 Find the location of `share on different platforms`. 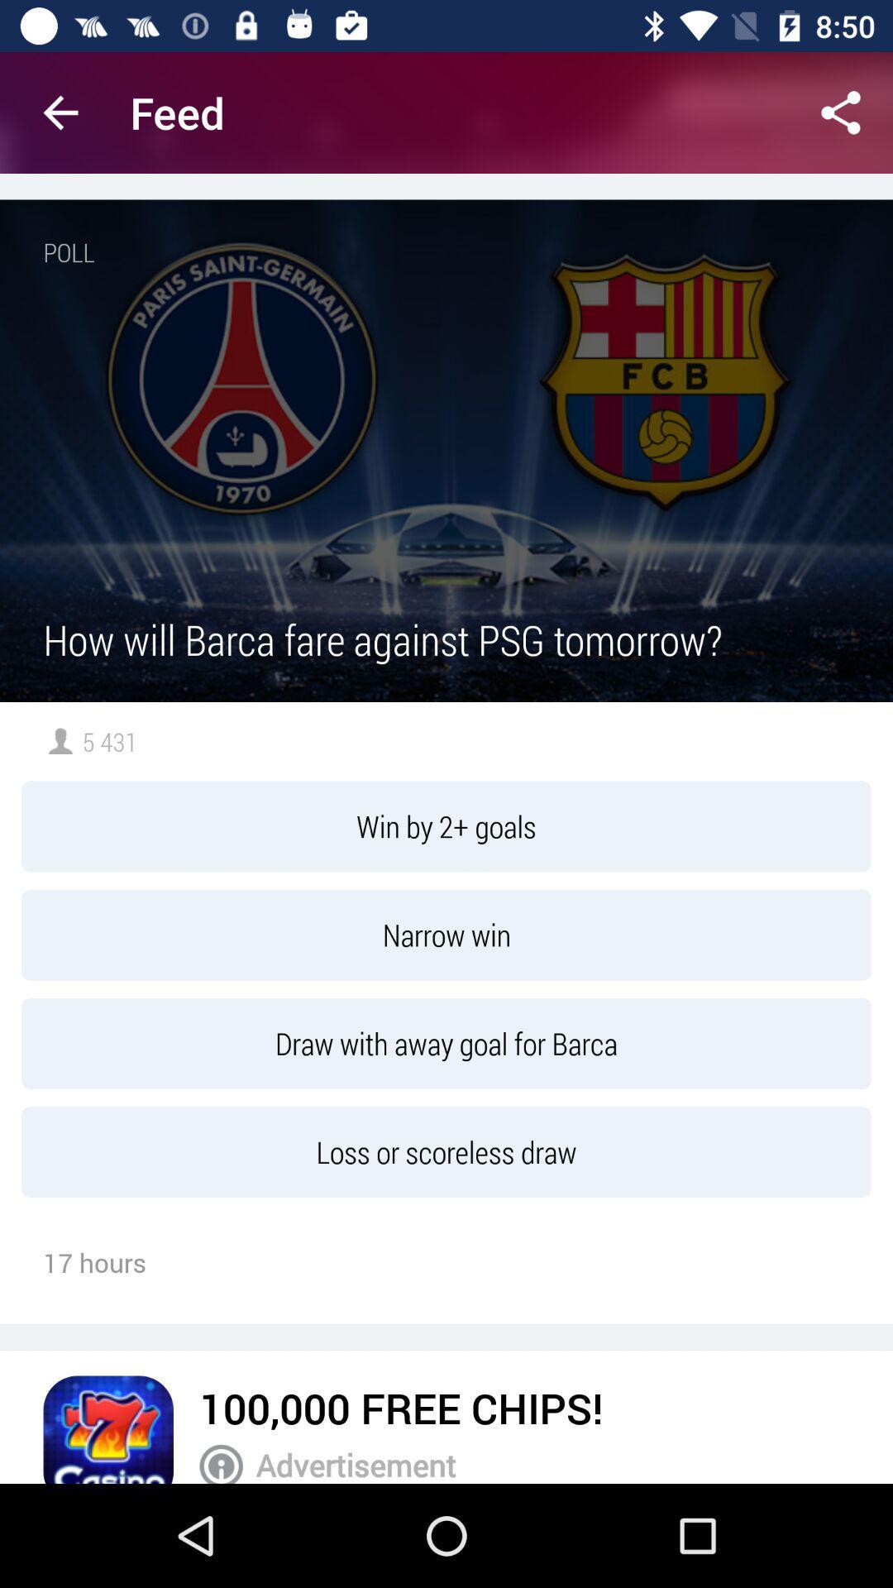

share on different platforms is located at coordinates (841, 112).